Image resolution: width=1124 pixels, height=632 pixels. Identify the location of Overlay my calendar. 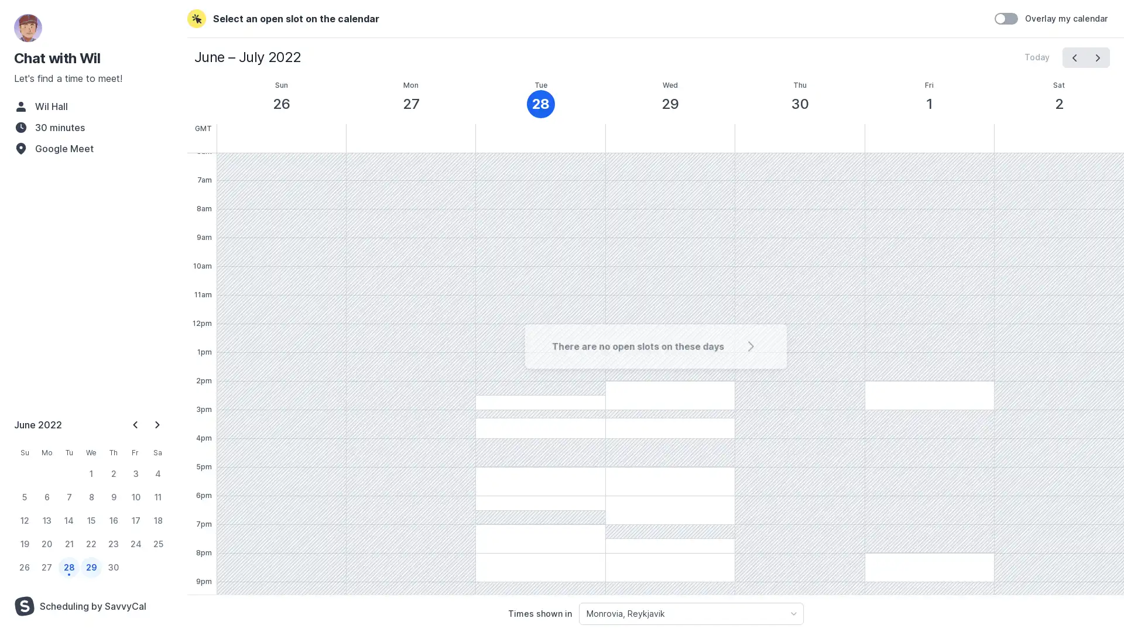
(1051, 18).